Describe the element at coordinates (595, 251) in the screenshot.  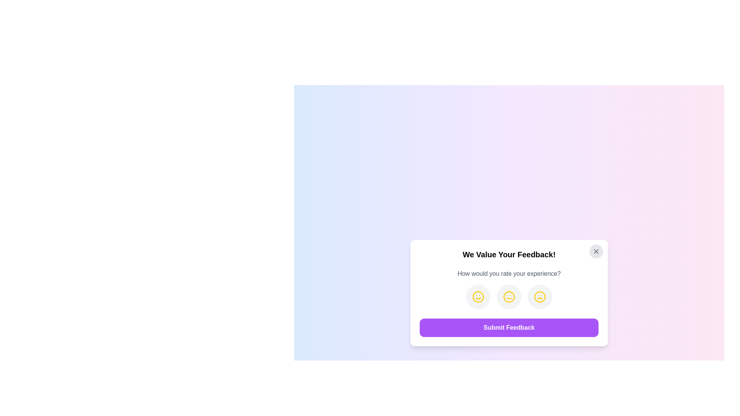
I see `the close (X) icon button located at the top-right corner of the feedback modal` at that location.